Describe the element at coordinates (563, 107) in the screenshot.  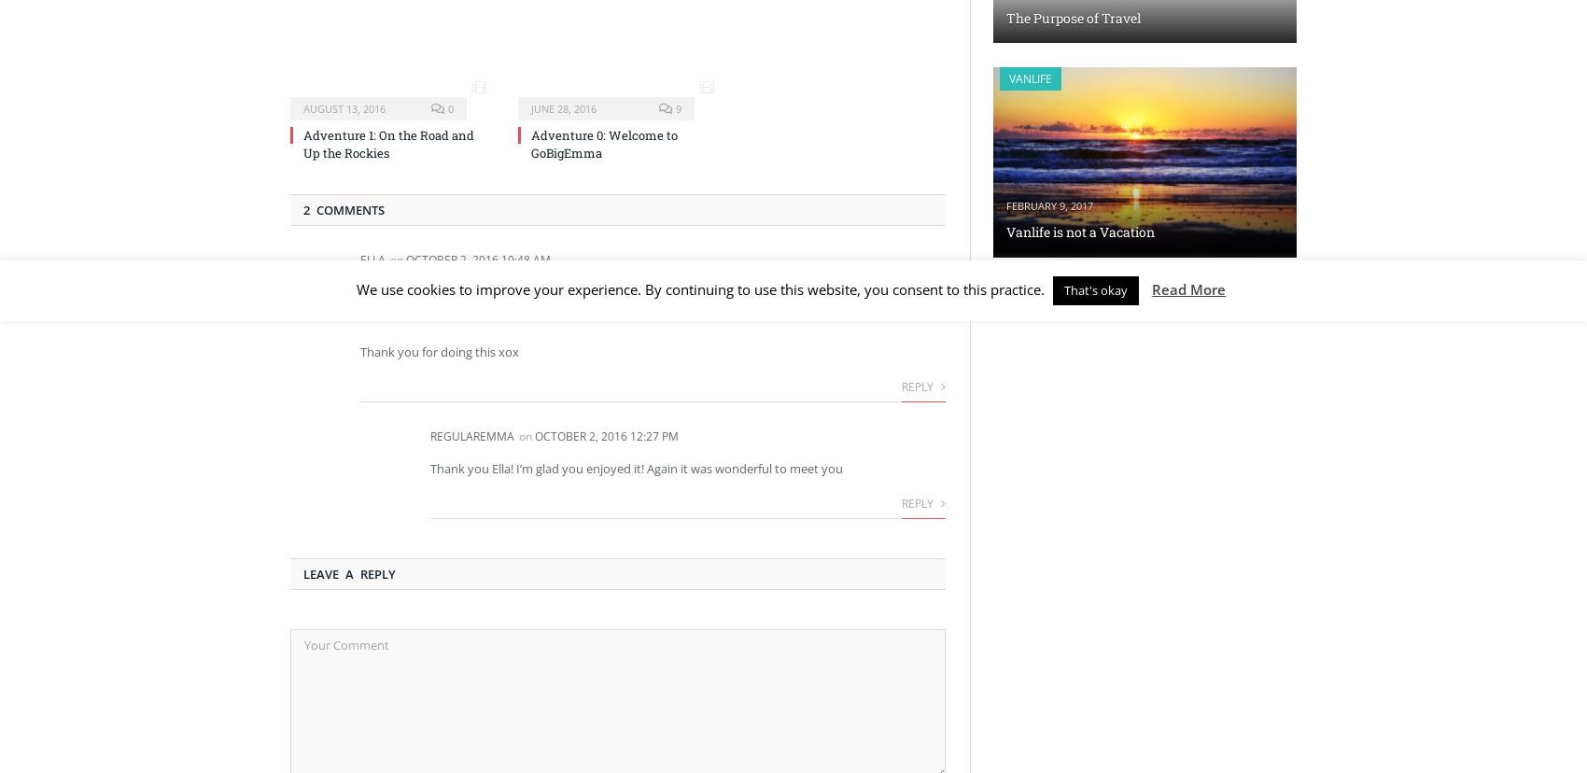
I see `'June 28, 2016'` at that location.